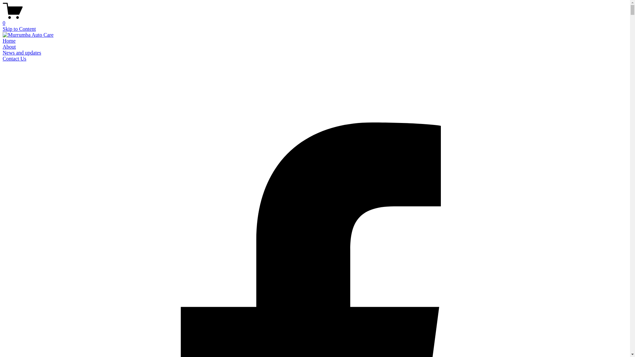  I want to click on 'About', so click(3, 46).